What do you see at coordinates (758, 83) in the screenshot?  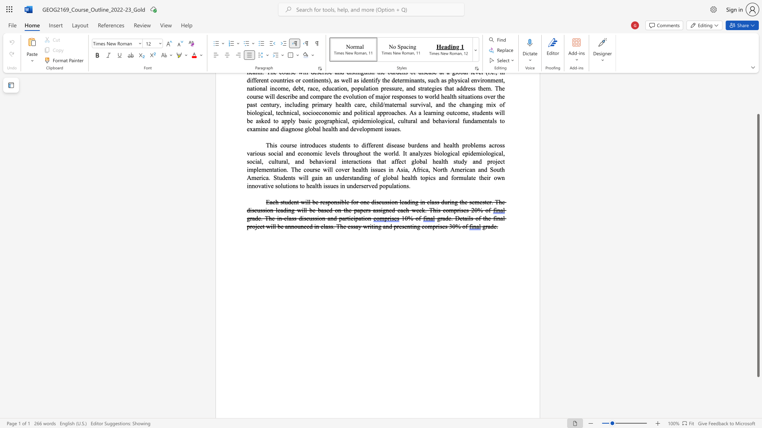 I see `the vertical scrollbar to raise the page content` at bounding box center [758, 83].